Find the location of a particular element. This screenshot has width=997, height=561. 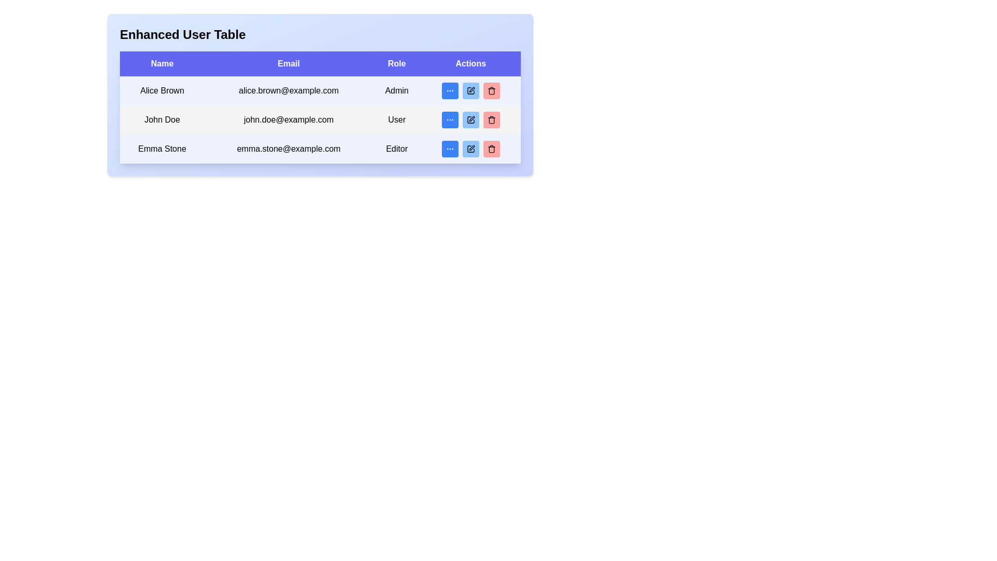

the blue circular button with three horizontally aligned white outlined dots in the 'Actions' column of the table for user 'Alice Brown' is located at coordinates (450, 90).